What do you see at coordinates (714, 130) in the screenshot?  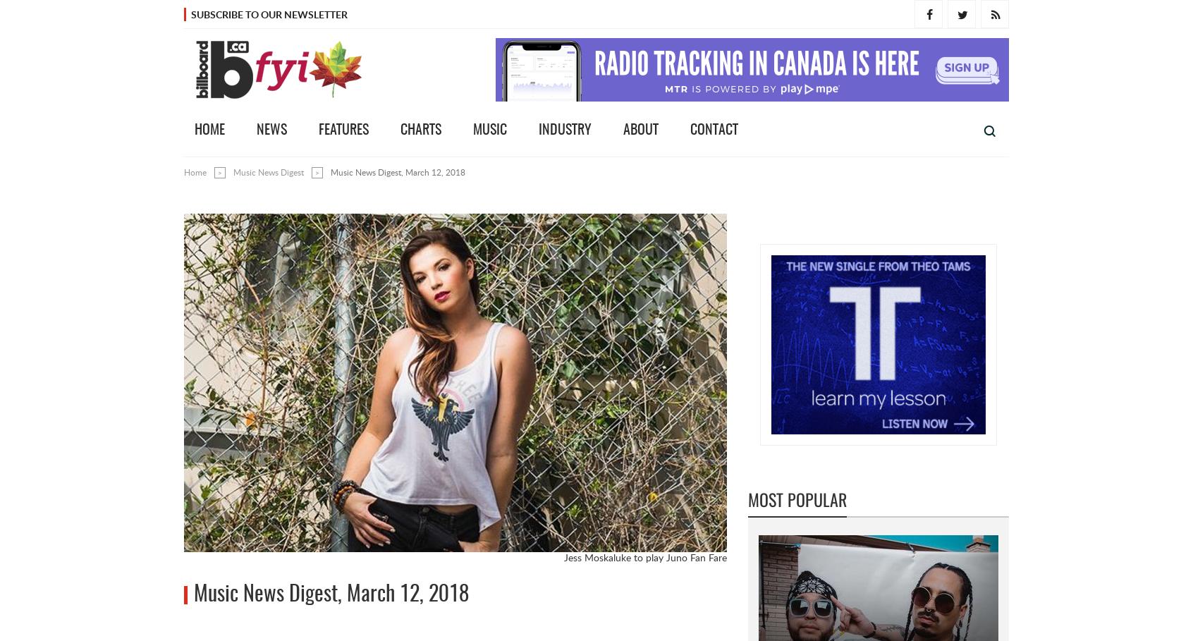 I see `'Contact'` at bounding box center [714, 130].